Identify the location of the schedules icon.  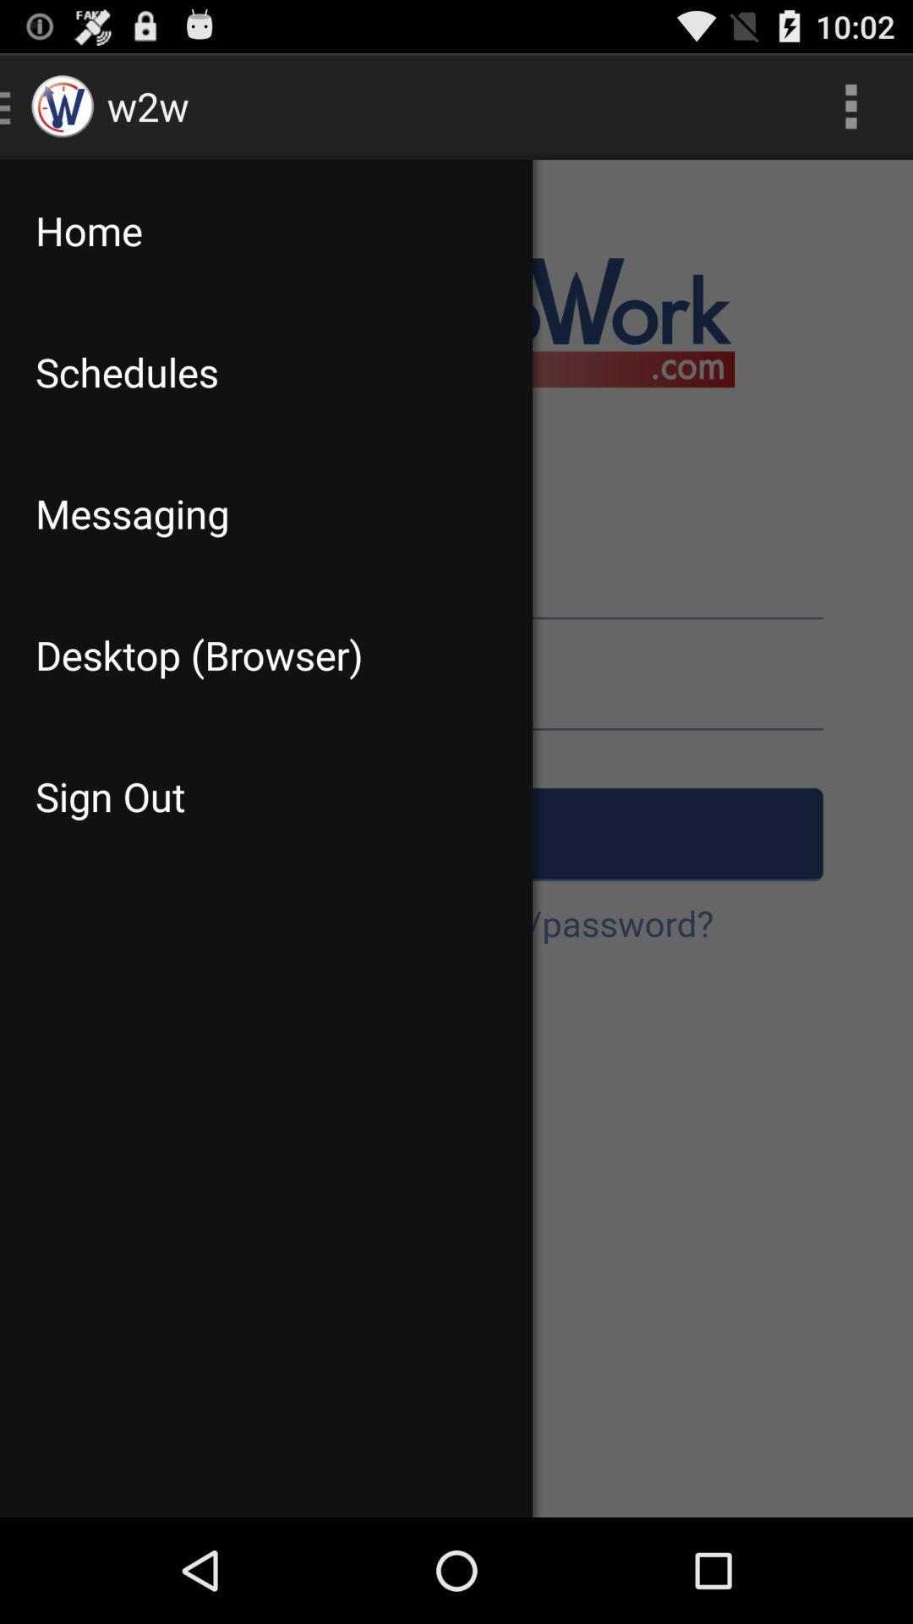
(266, 371).